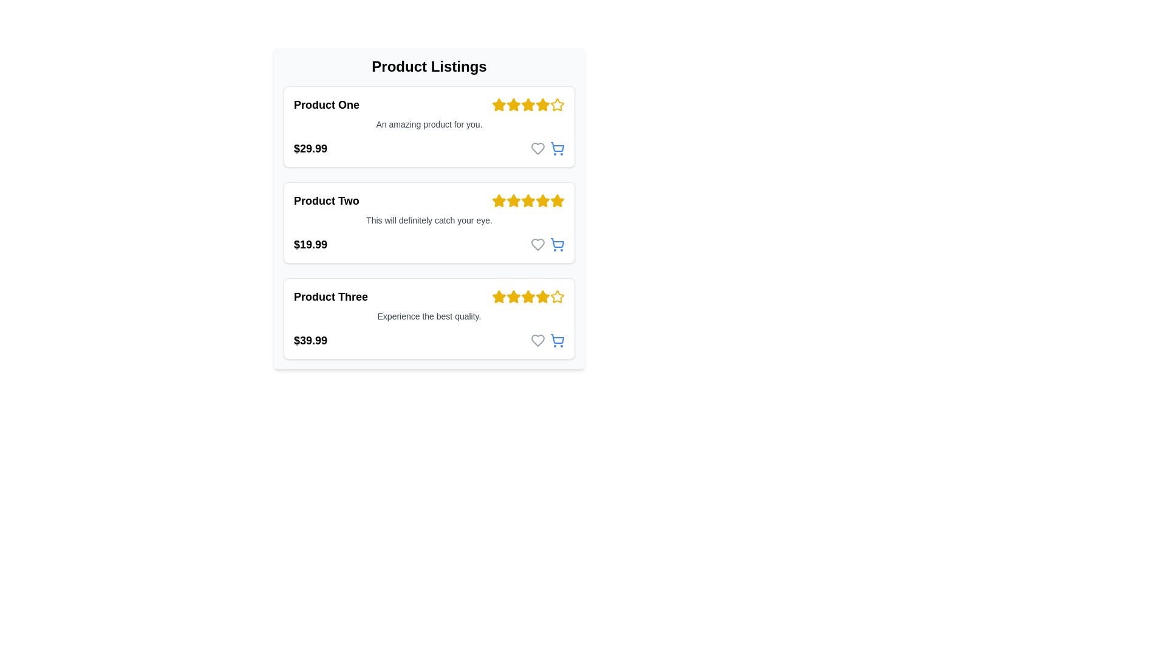 This screenshot has height=656, width=1166. Describe the element at coordinates (556, 297) in the screenshot. I see `the fifth star icon in the rating system for 'Product Three' to engage or alter the rating` at that location.